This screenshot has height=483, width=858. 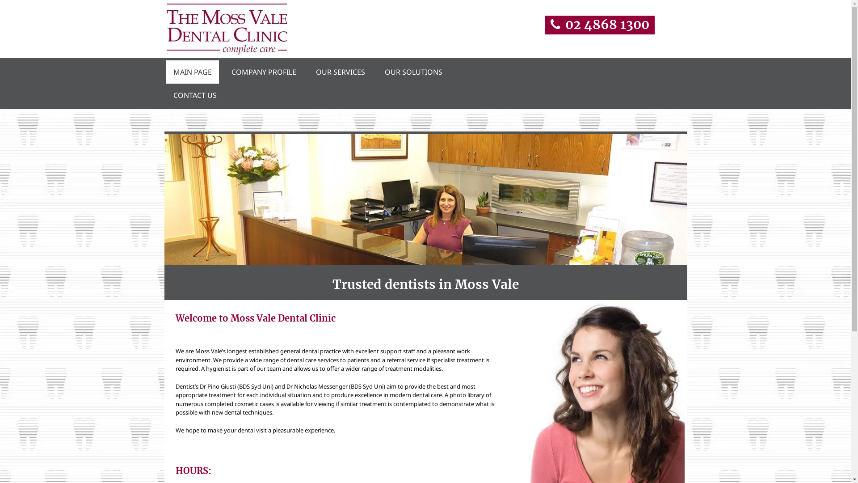 What do you see at coordinates (263, 72) in the screenshot?
I see `'COMPANY PROFILE'` at bounding box center [263, 72].